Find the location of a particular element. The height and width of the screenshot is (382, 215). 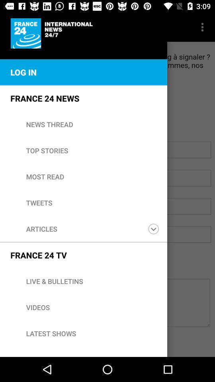

the down arrow button to the right side of articles is located at coordinates (153, 229).